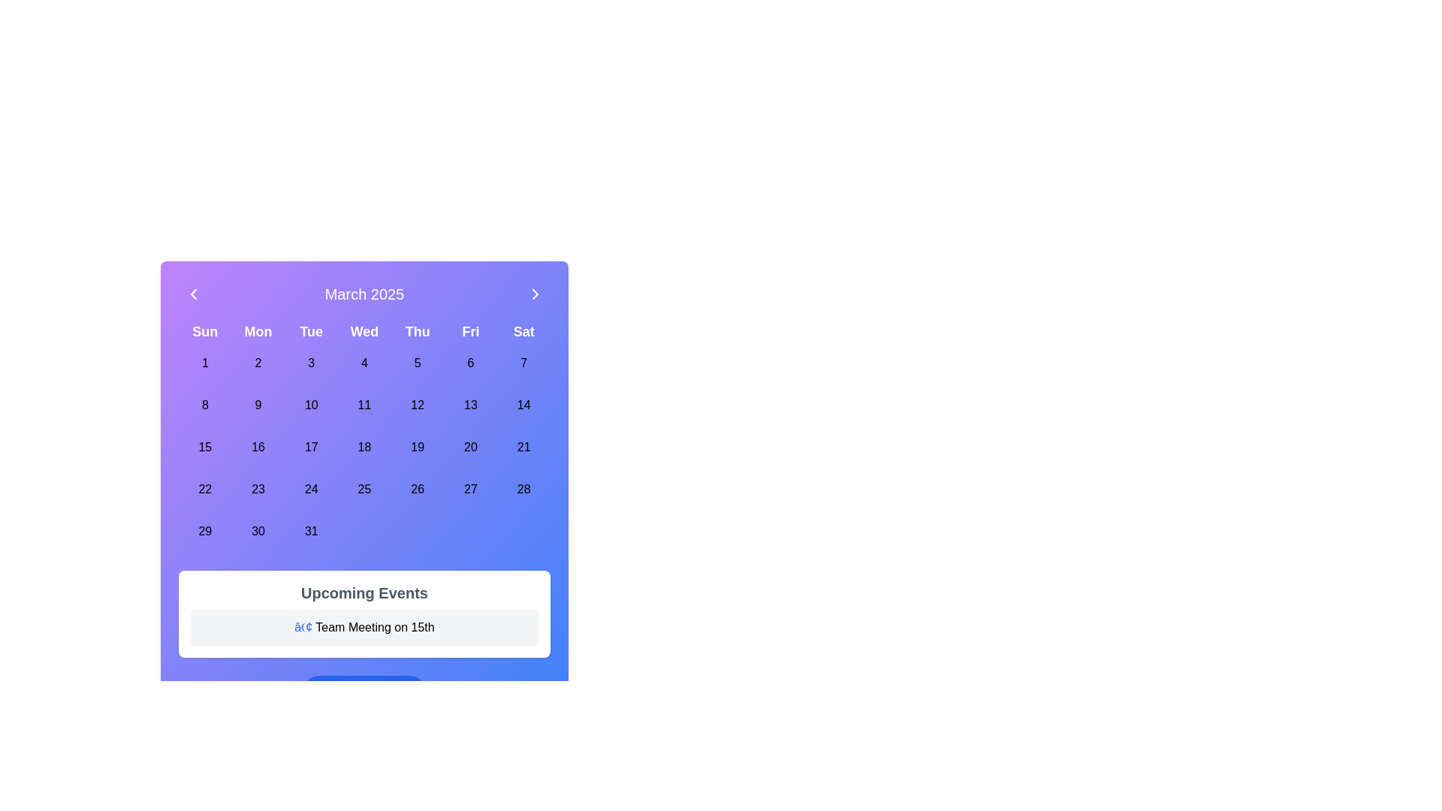 This screenshot has width=1442, height=811. What do you see at coordinates (310, 405) in the screenshot?
I see `the circular button displaying '10' in the center` at bounding box center [310, 405].